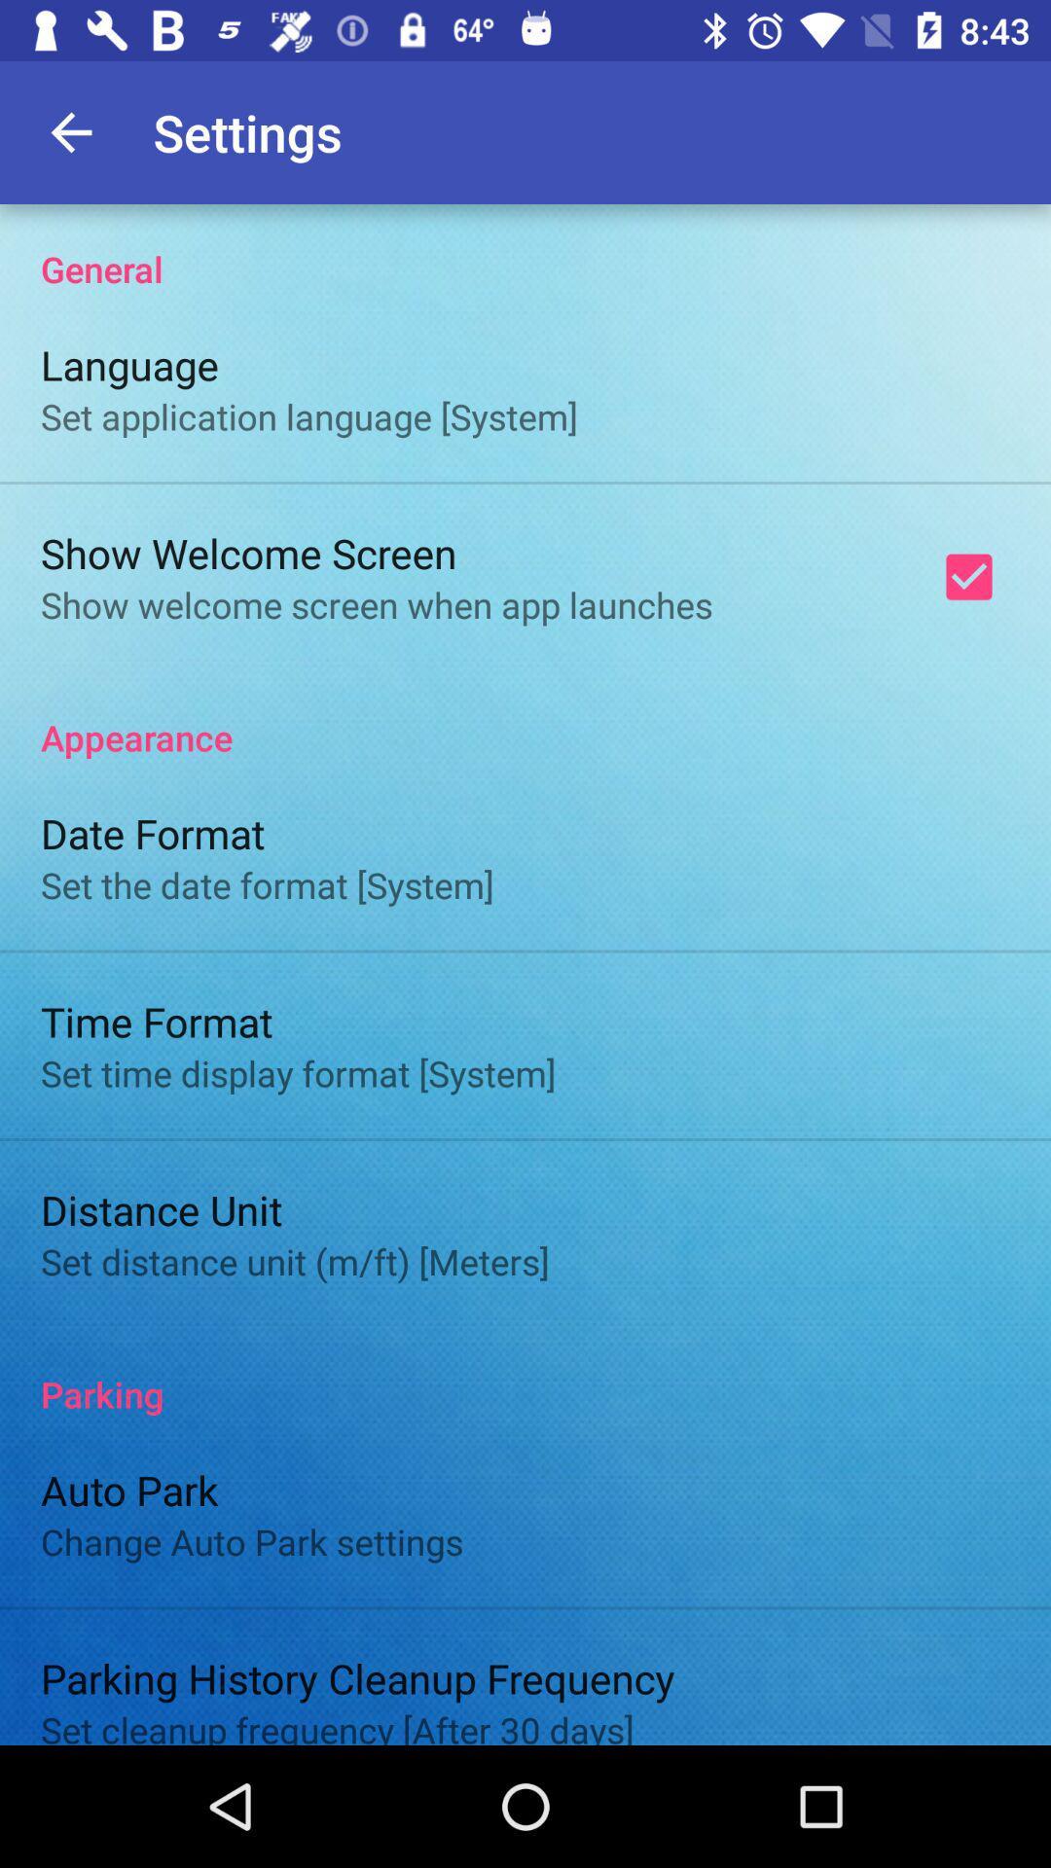  Describe the element at coordinates (525, 247) in the screenshot. I see `the general icon` at that location.